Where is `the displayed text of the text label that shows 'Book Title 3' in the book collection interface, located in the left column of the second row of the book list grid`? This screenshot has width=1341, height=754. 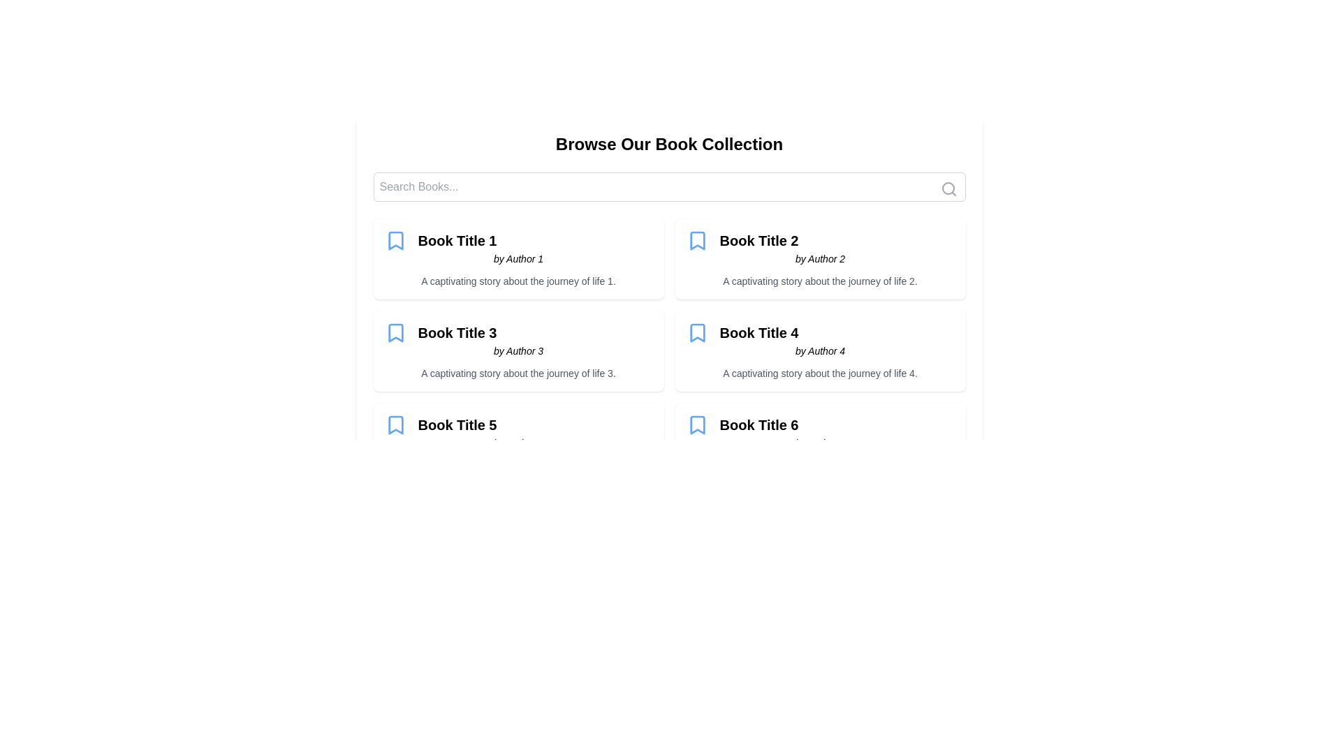
the displayed text of the text label that shows 'Book Title 3' in the book collection interface, located in the left column of the second row of the book list grid is located at coordinates (457, 333).